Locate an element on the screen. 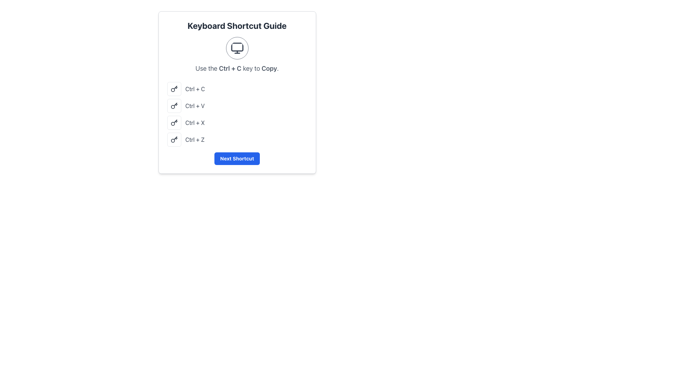 This screenshot has width=676, height=380. the second icon in the vertical list of four elements on the left side of the 'Keyboard Shortcut Guide' dialog, which represents the paste function (Ctrl + V) is located at coordinates (174, 106).